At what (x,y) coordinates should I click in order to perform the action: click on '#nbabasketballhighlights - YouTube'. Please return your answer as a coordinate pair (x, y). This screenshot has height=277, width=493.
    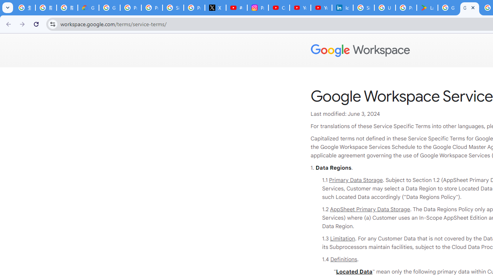
    Looking at the image, I should click on (236, 8).